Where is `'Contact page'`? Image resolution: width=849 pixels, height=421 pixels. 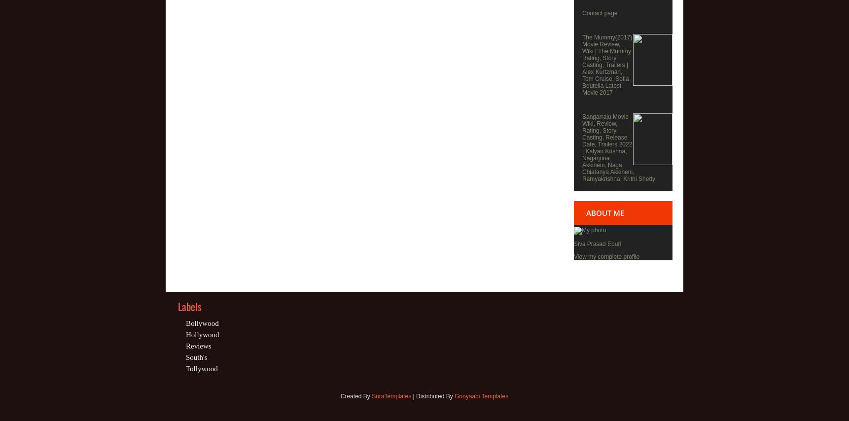
'Contact page' is located at coordinates (599, 12).